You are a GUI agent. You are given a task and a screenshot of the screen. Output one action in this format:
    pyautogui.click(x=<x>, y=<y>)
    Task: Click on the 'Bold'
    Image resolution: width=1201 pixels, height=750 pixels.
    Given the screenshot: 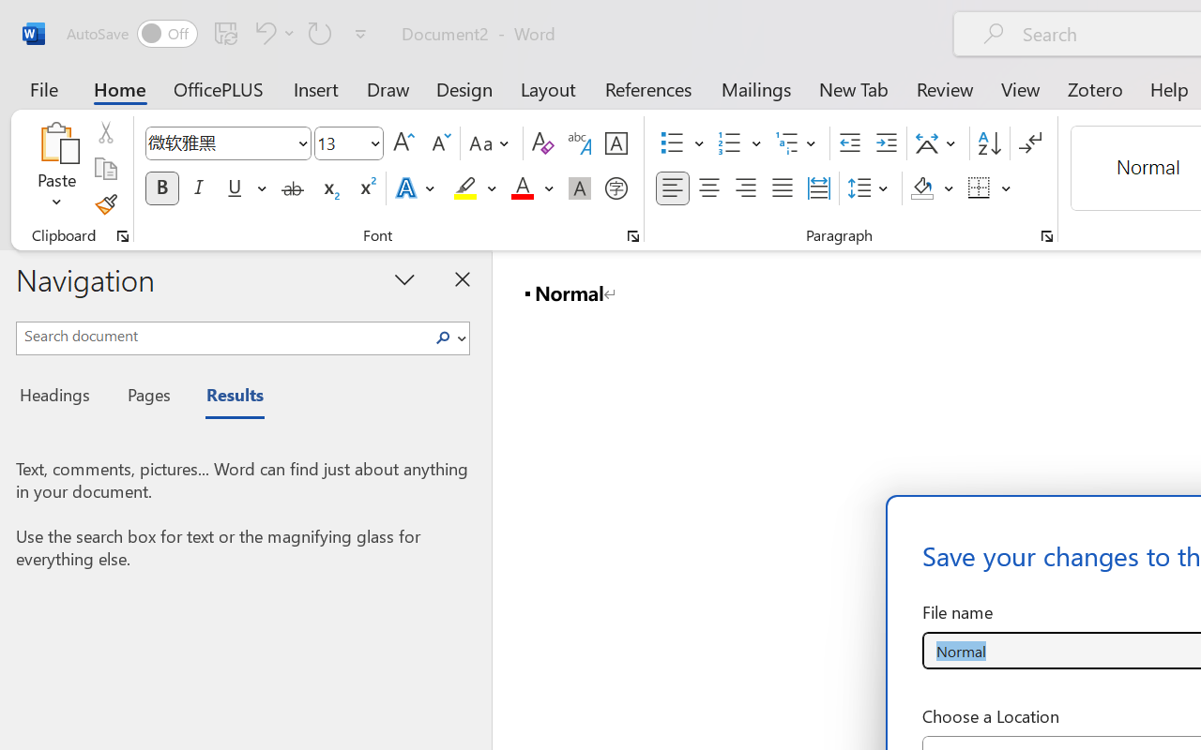 What is the action you would take?
    pyautogui.click(x=161, y=188)
    